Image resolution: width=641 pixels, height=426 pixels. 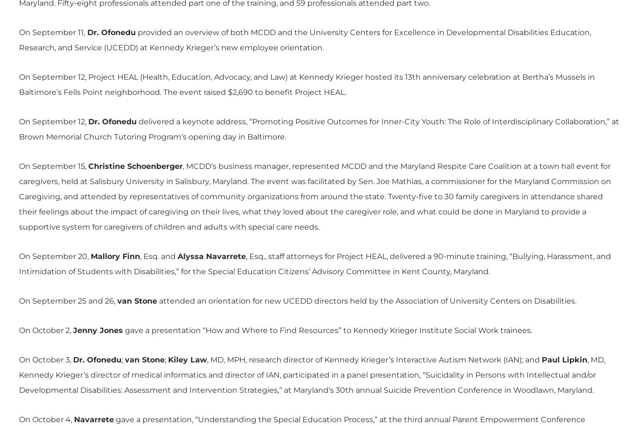 I want to click on ', Esq. and', so click(x=158, y=256).